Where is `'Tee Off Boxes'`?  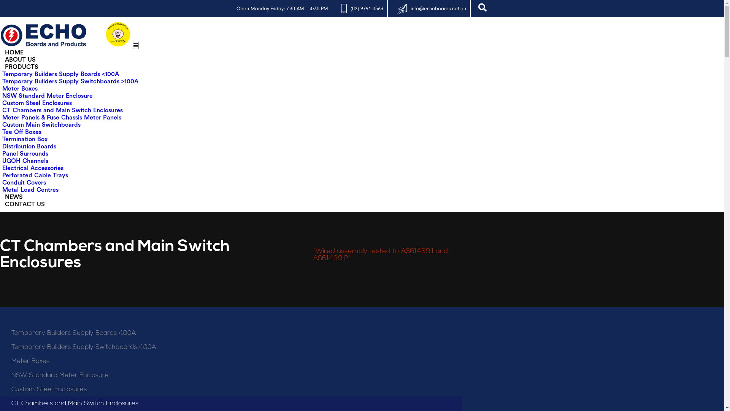
'Tee Off Boxes' is located at coordinates (22, 132).